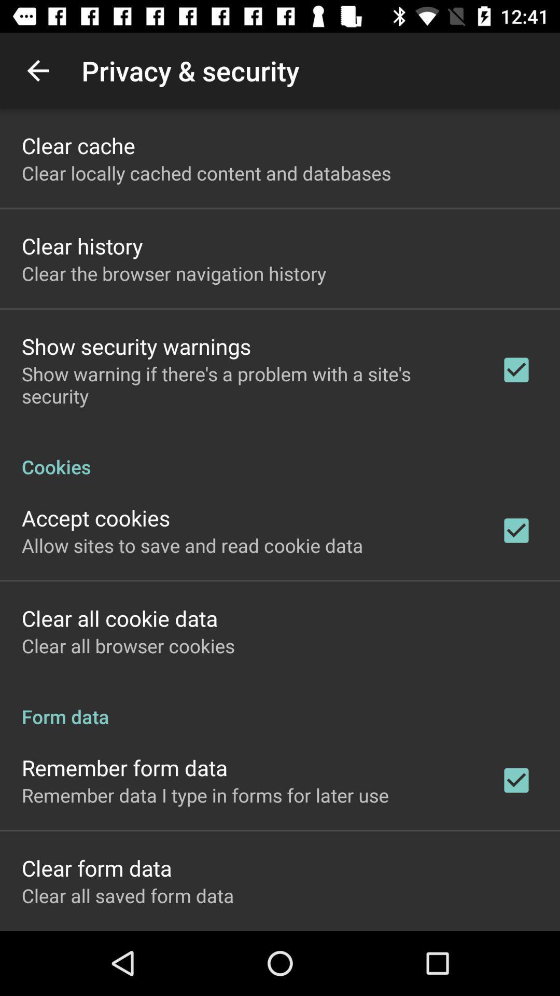 The image size is (560, 996). Describe the element at coordinates (516, 530) in the screenshot. I see `check box right to accept cookies` at that location.